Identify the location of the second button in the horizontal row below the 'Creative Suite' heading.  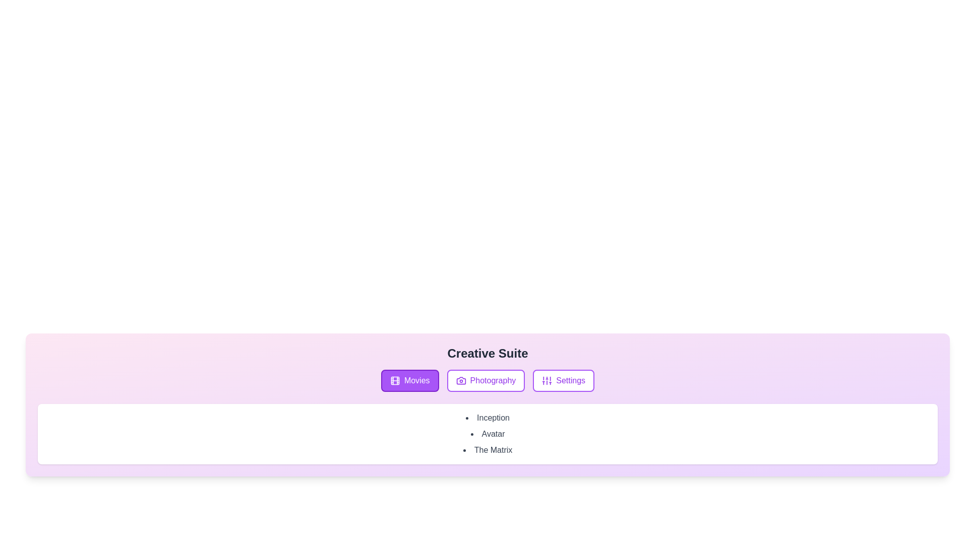
(486, 381).